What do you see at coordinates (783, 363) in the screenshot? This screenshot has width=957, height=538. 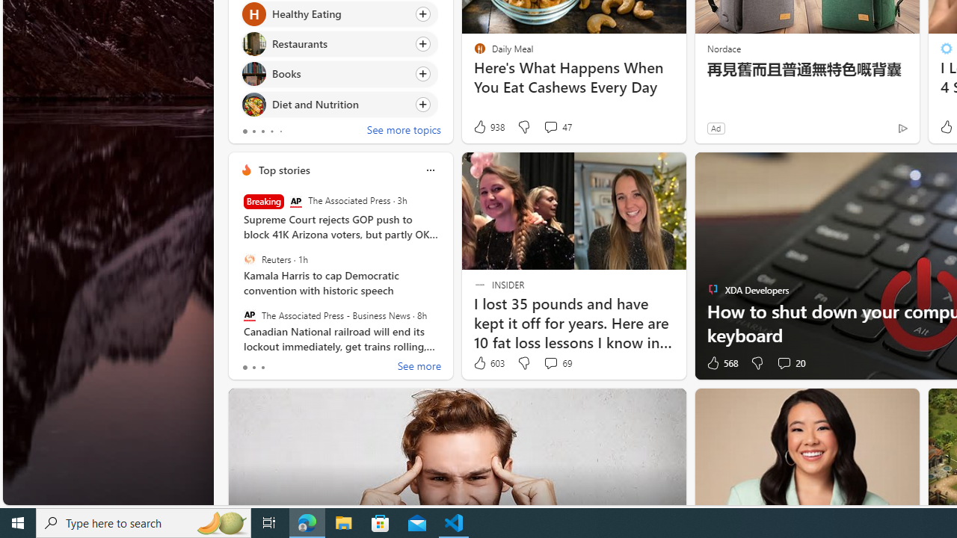 I see `'View comments 20 Comment'` at bounding box center [783, 363].